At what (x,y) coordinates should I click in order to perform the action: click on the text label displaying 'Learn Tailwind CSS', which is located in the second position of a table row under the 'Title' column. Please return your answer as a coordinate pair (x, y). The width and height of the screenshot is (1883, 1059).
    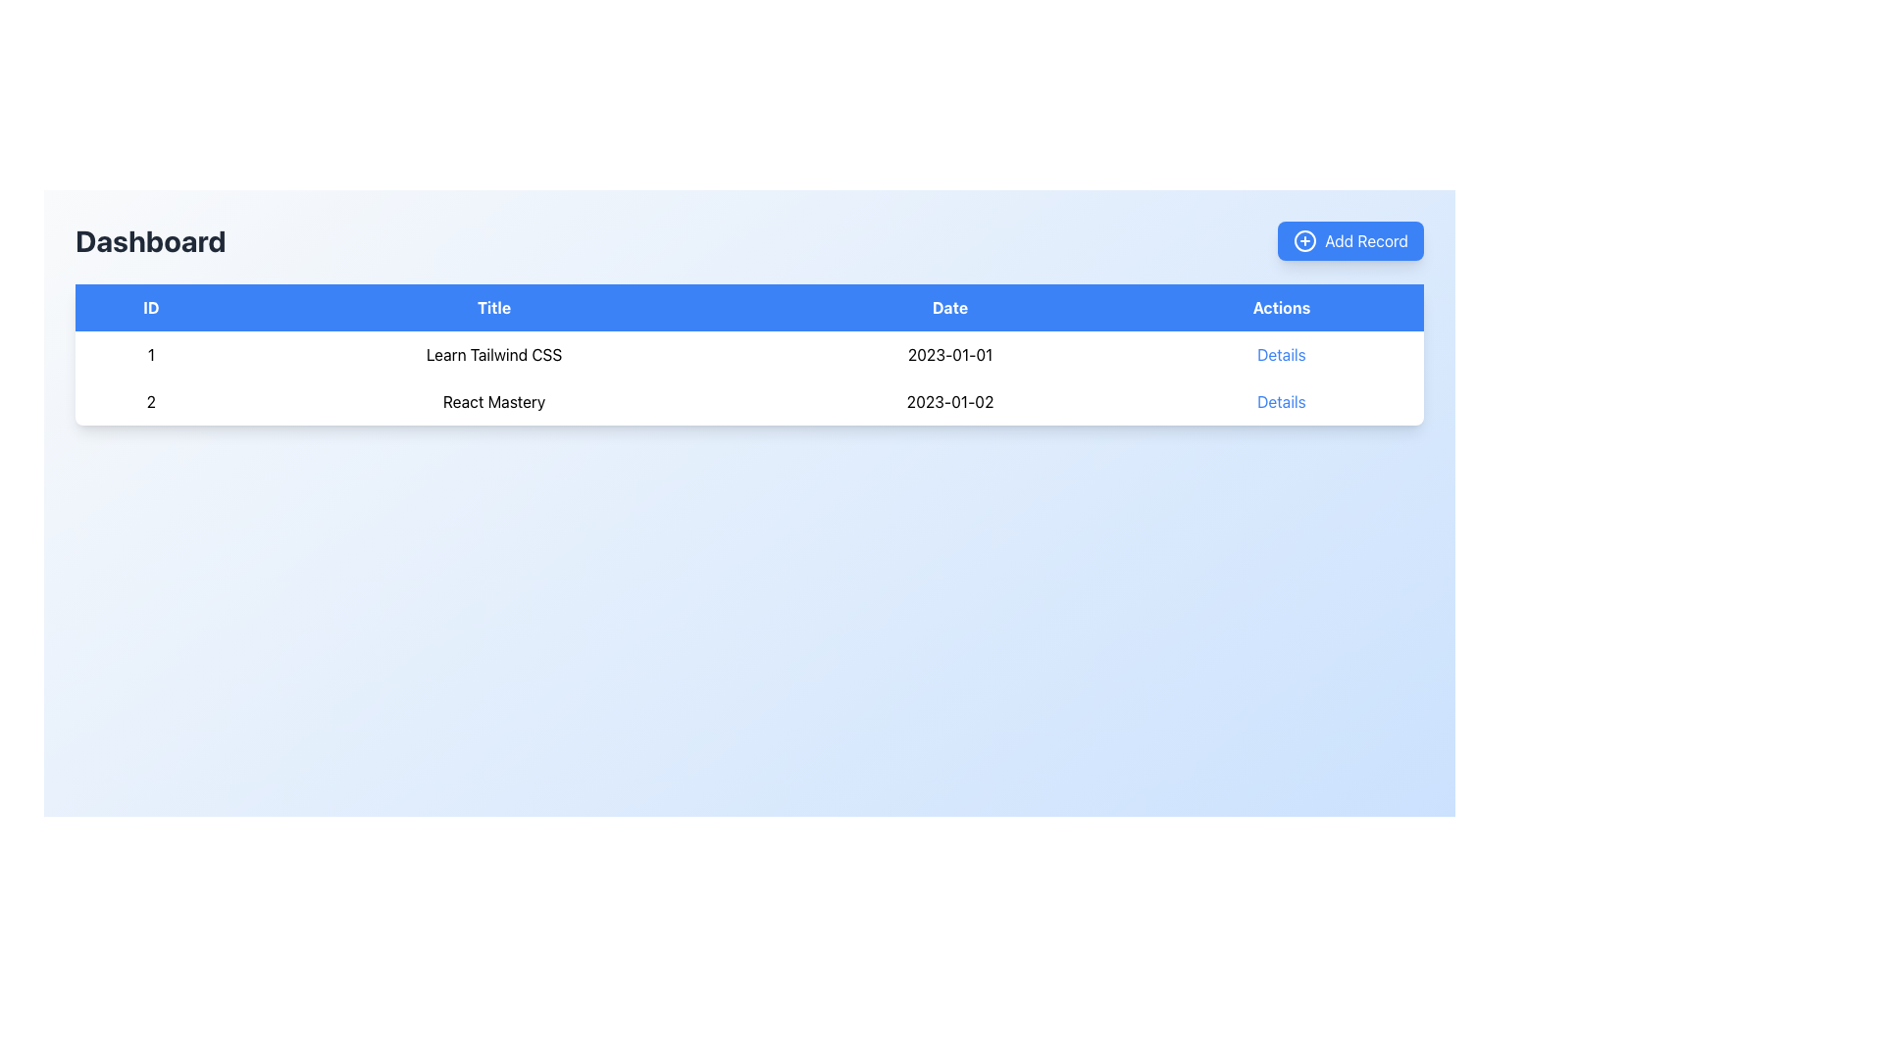
    Looking at the image, I should click on (494, 355).